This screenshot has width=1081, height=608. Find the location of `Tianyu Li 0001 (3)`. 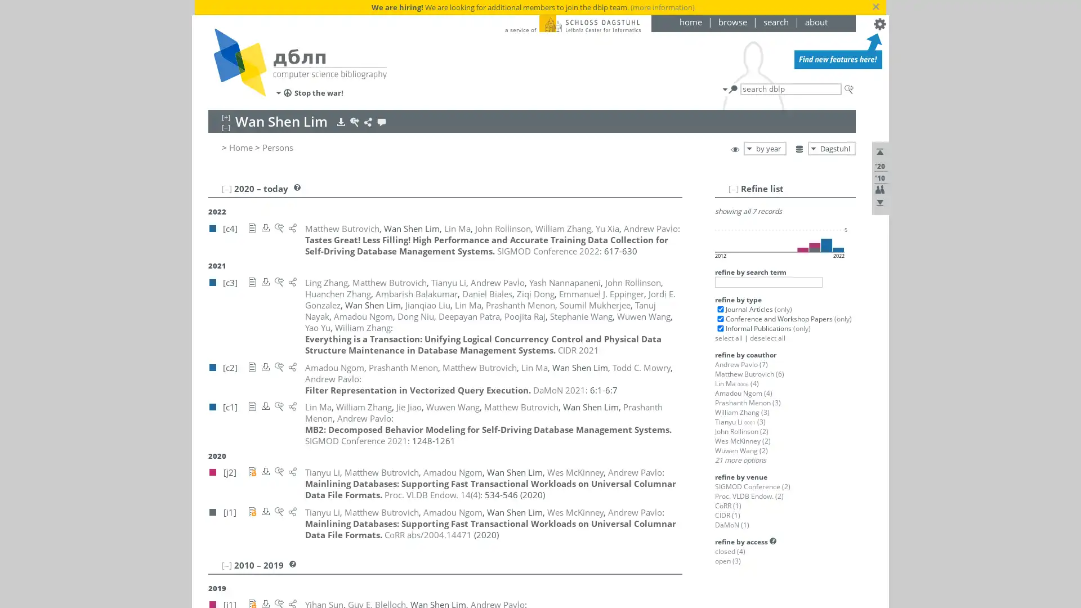

Tianyu Li 0001 (3) is located at coordinates (740, 422).